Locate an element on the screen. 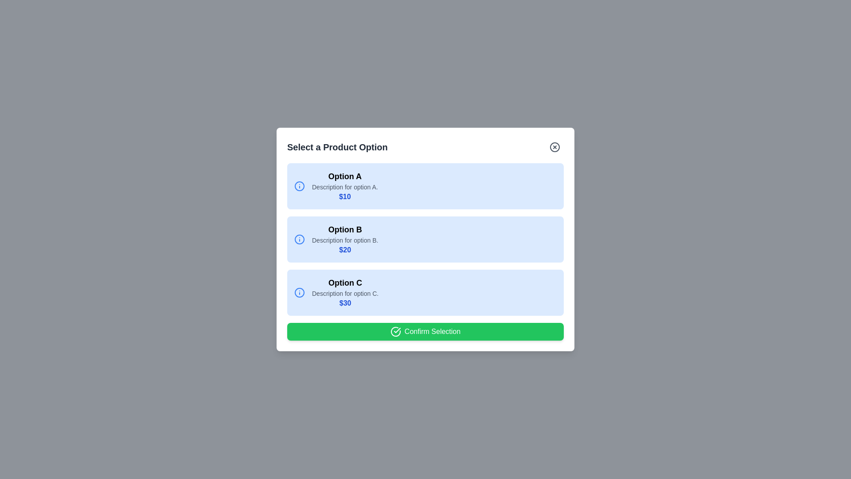  the option Option B to select it is located at coordinates (425, 239).